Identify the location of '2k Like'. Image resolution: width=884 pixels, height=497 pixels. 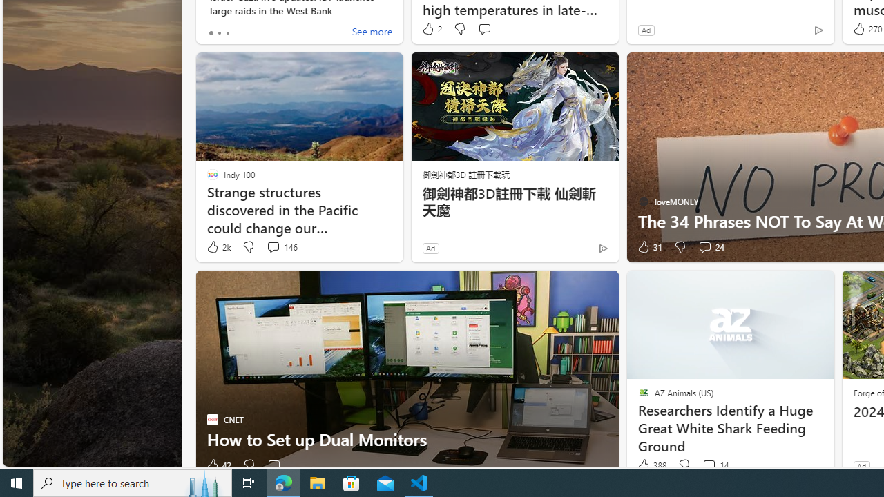
(217, 246).